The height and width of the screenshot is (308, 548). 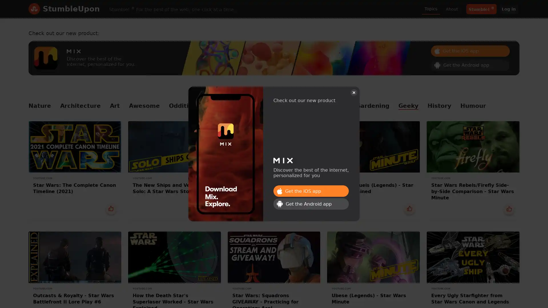 What do you see at coordinates (311, 203) in the screenshot?
I see `Header Image 1 Get the Android app` at bounding box center [311, 203].